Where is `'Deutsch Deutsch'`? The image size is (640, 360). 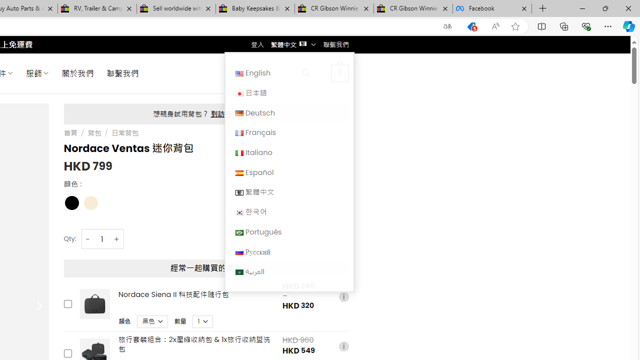 'Deutsch Deutsch' is located at coordinates (288, 112).